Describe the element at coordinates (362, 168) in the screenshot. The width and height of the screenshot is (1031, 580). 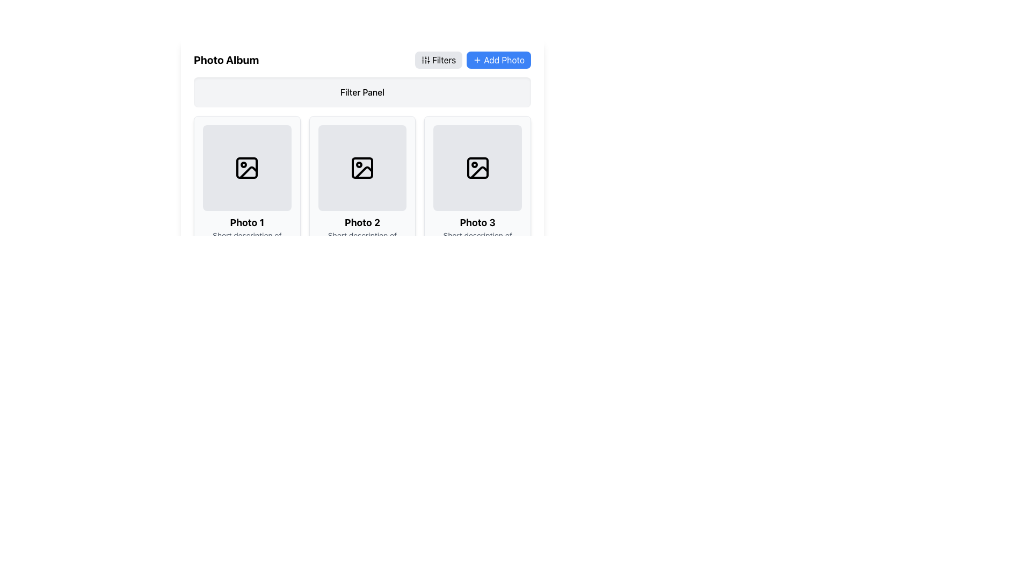
I see `the rounded rectangular icon in the second photo thumbnail within the grid of photo items` at that location.